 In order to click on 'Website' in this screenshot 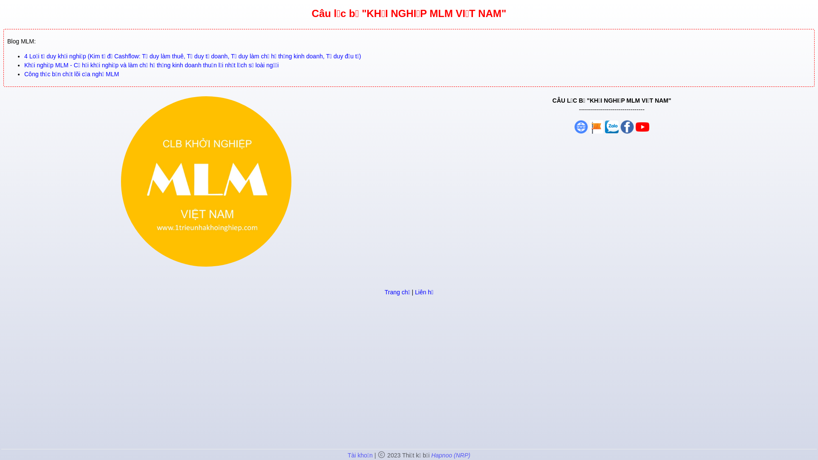, I will do `click(580, 126)`.